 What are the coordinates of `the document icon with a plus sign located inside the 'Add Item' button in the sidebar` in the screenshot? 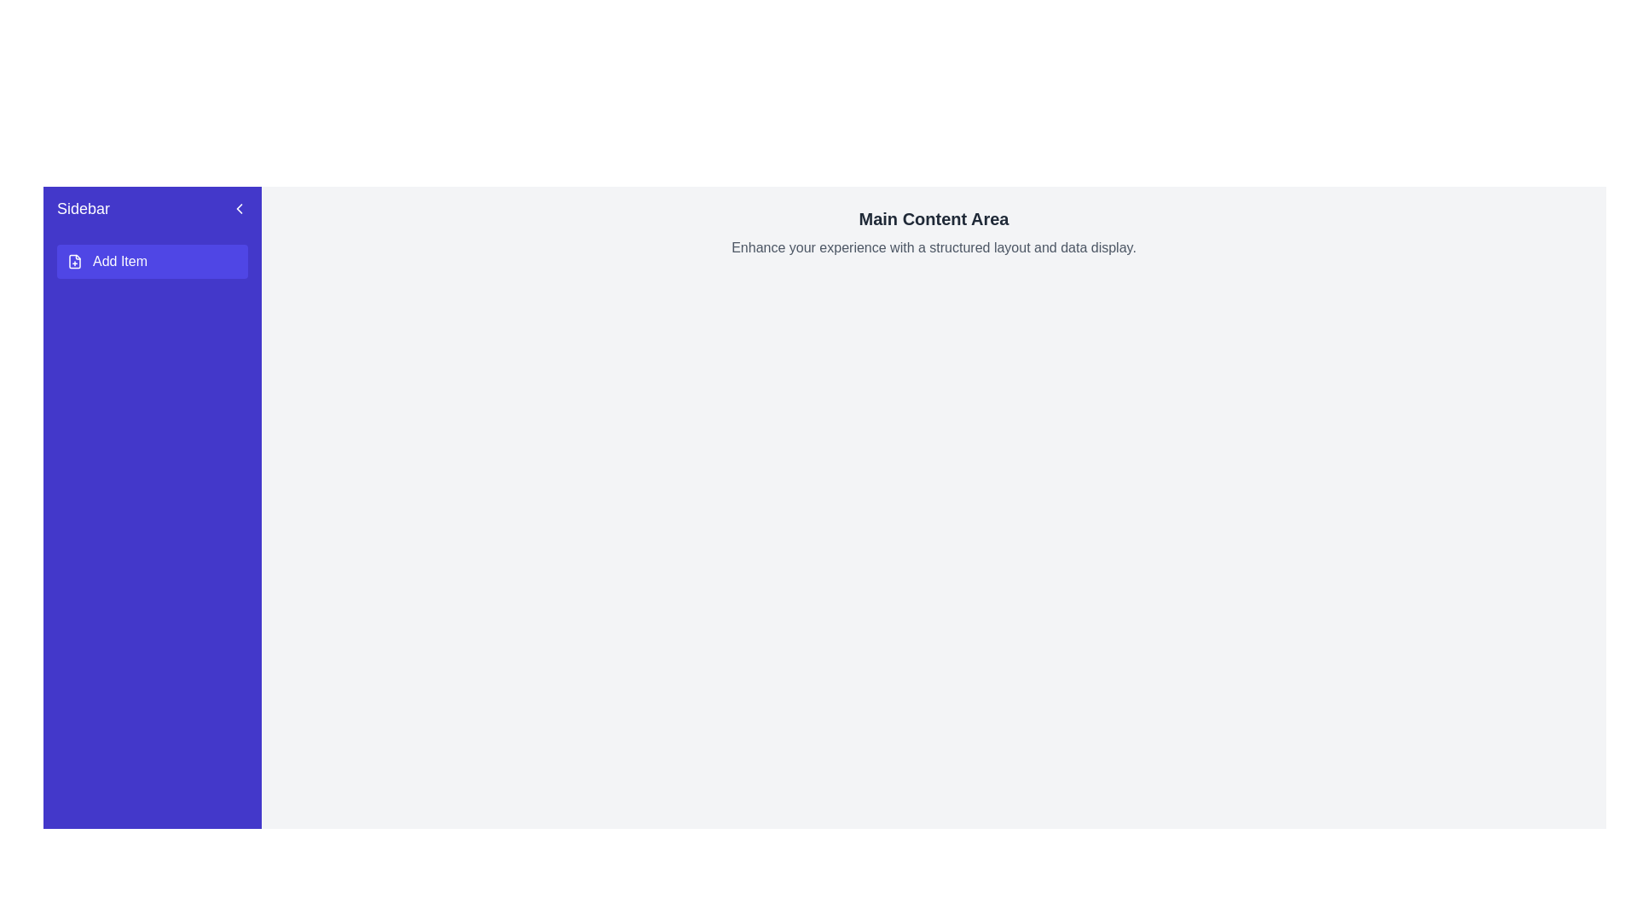 It's located at (73, 262).